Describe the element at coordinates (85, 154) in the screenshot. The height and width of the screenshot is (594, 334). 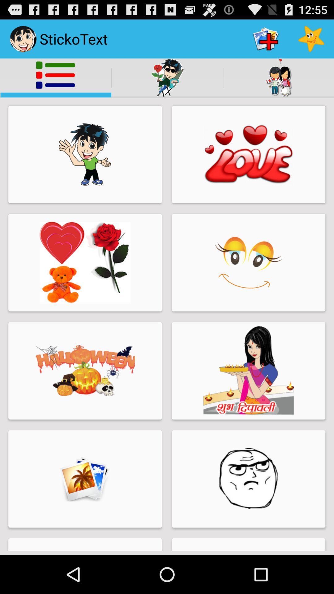
I see `the first thumbnail` at that location.